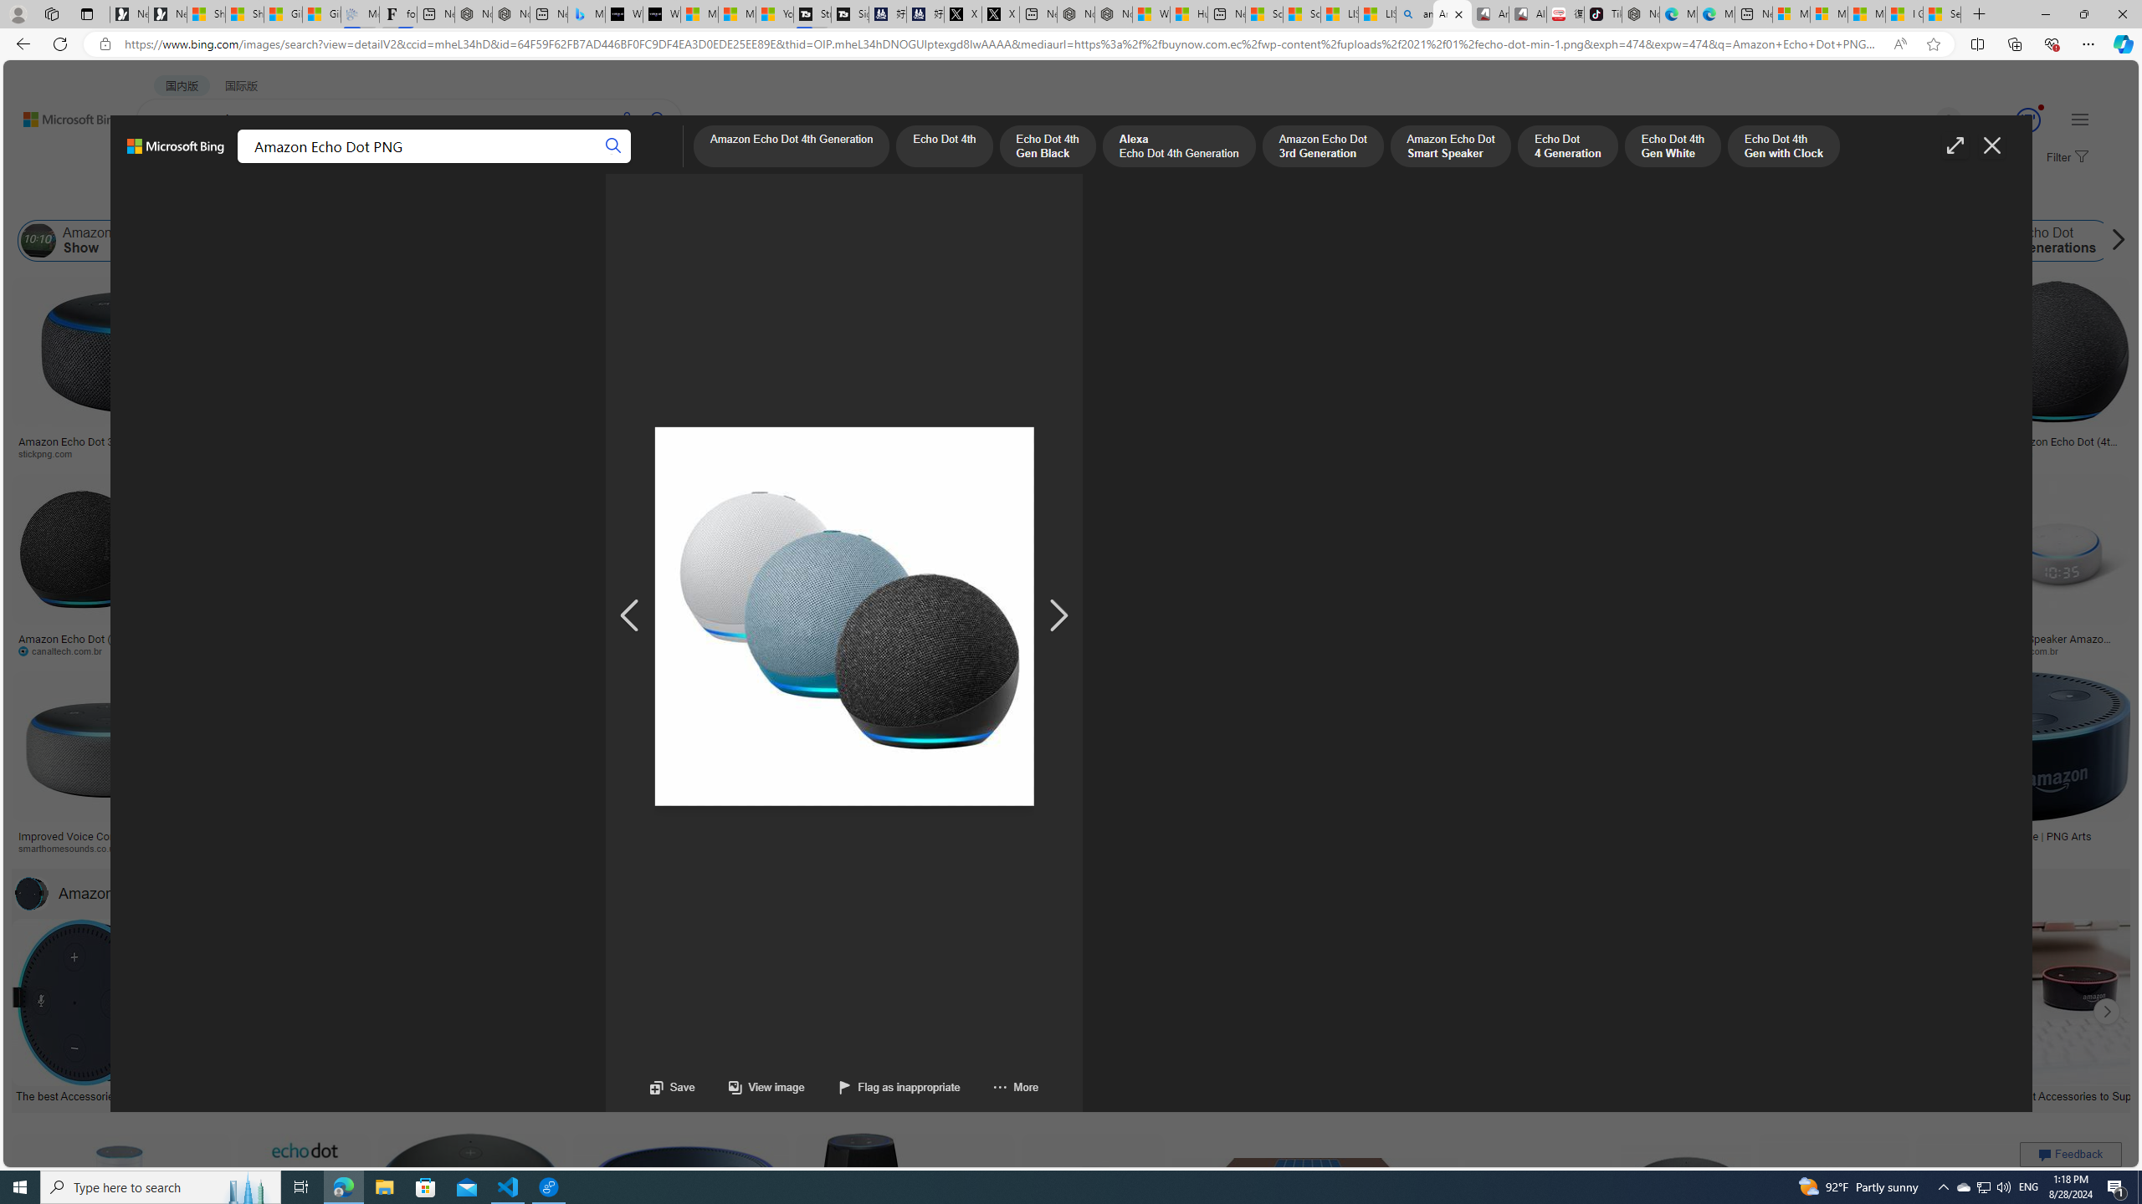 The width and height of the screenshot is (2142, 1204). I want to click on 'Color', so click(255, 198).